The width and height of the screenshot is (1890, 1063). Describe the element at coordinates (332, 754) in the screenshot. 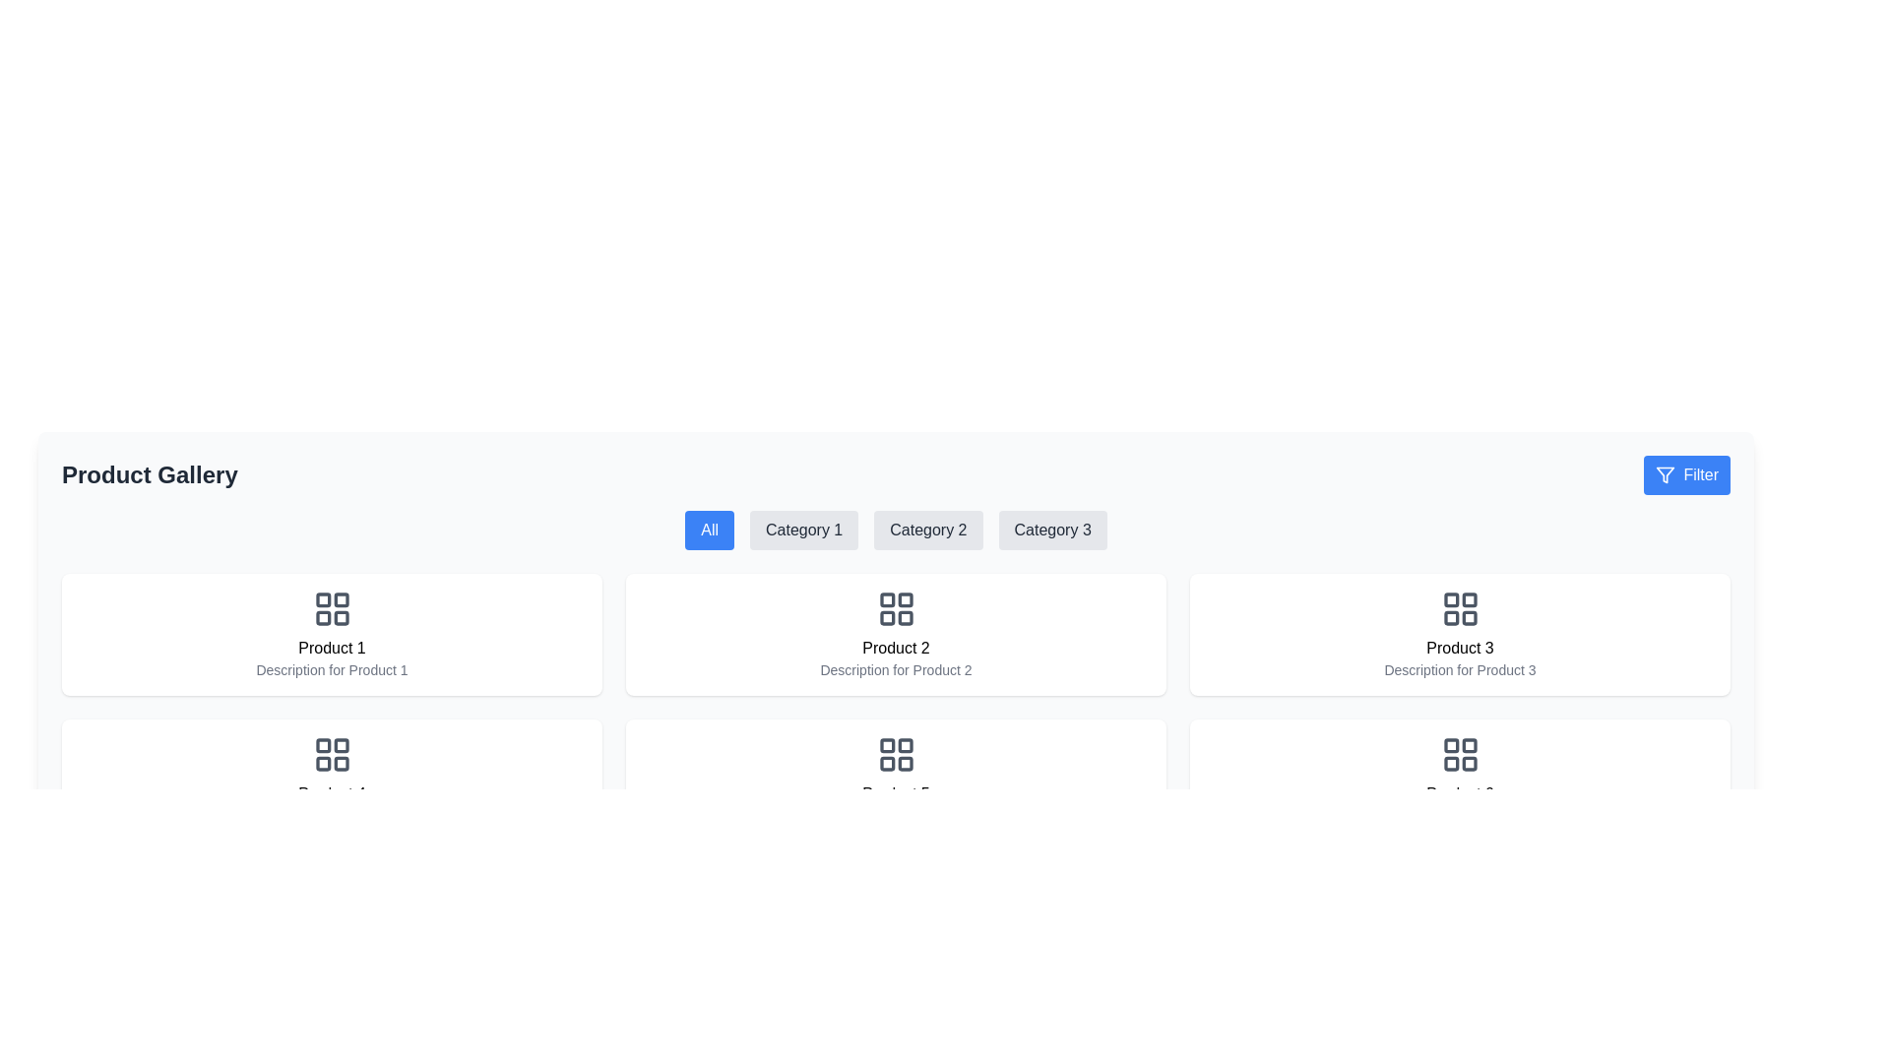

I see `the grid layout SVG icon located above the 'Product 4' text in the second row of the product grid using keyboard shortcuts` at that location.